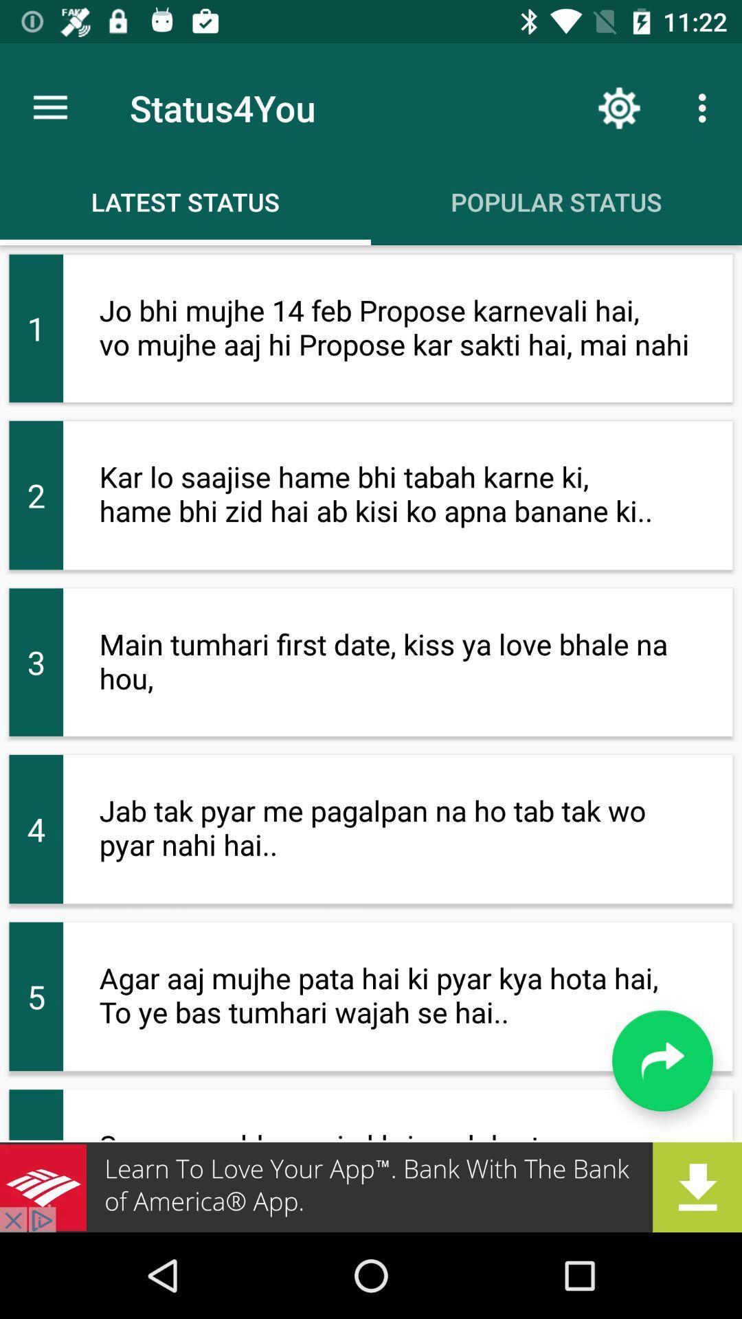 This screenshot has width=742, height=1319. I want to click on share the text and image, so click(662, 1060).